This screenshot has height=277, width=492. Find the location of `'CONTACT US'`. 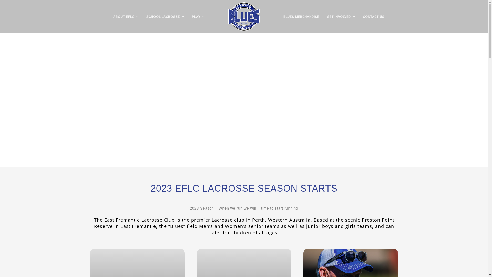

'CONTACT US' is located at coordinates (374, 16).